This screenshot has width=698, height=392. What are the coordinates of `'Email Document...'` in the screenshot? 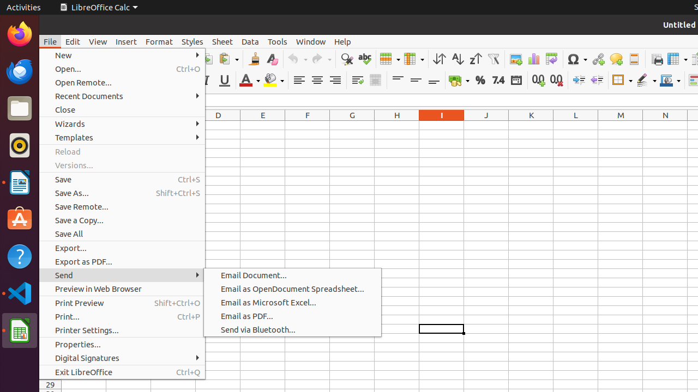 It's located at (292, 274).